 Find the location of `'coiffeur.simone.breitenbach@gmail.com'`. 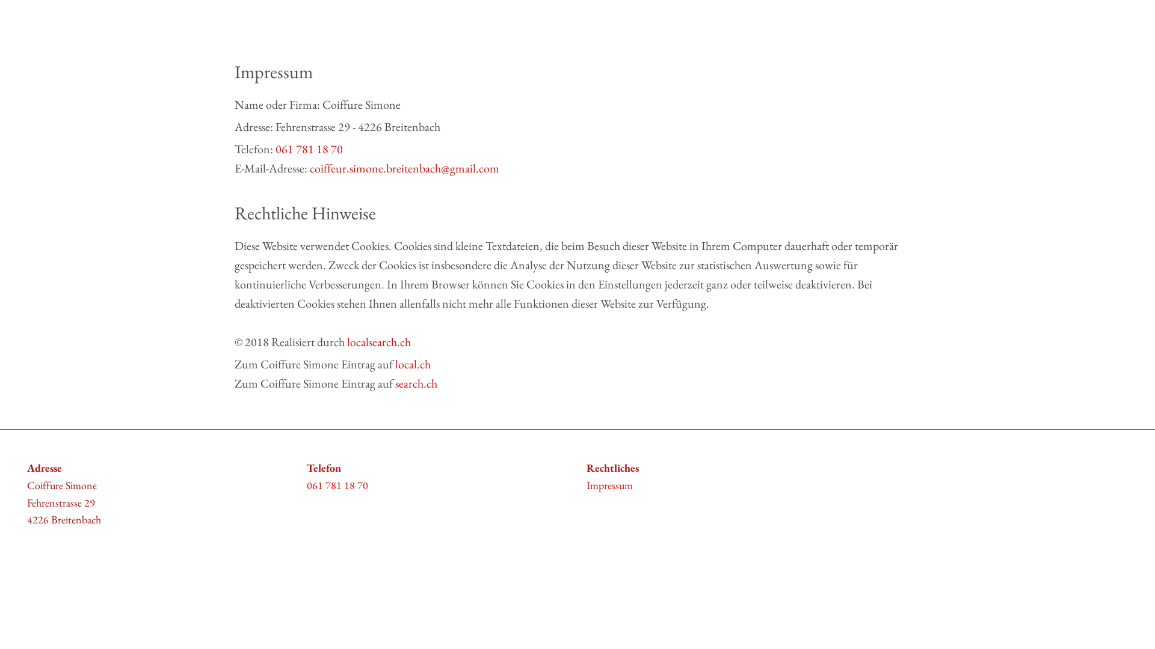

'coiffeur.simone.breitenbach@gmail.com' is located at coordinates (404, 168).